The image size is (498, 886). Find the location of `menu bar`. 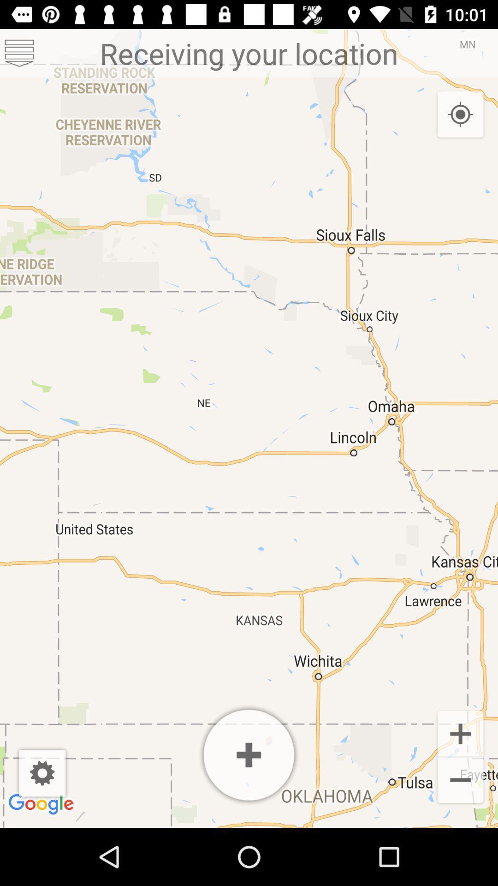

menu bar is located at coordinates (19, 53).